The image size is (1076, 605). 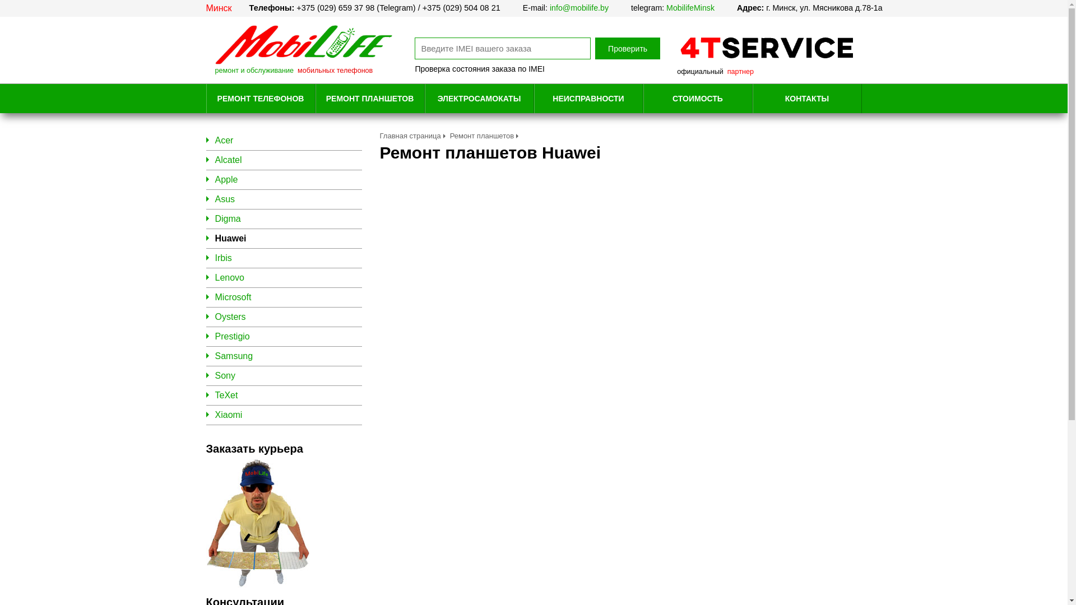 I want to click on 'TeXet', so click(x=226, y=394).